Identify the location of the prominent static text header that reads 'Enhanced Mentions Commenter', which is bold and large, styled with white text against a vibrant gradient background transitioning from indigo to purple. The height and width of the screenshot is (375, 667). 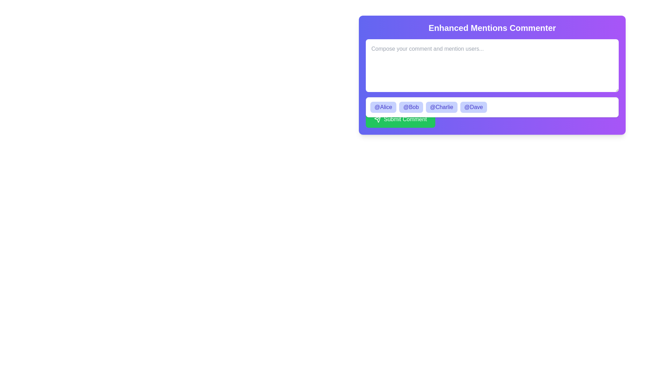
(492, 28).